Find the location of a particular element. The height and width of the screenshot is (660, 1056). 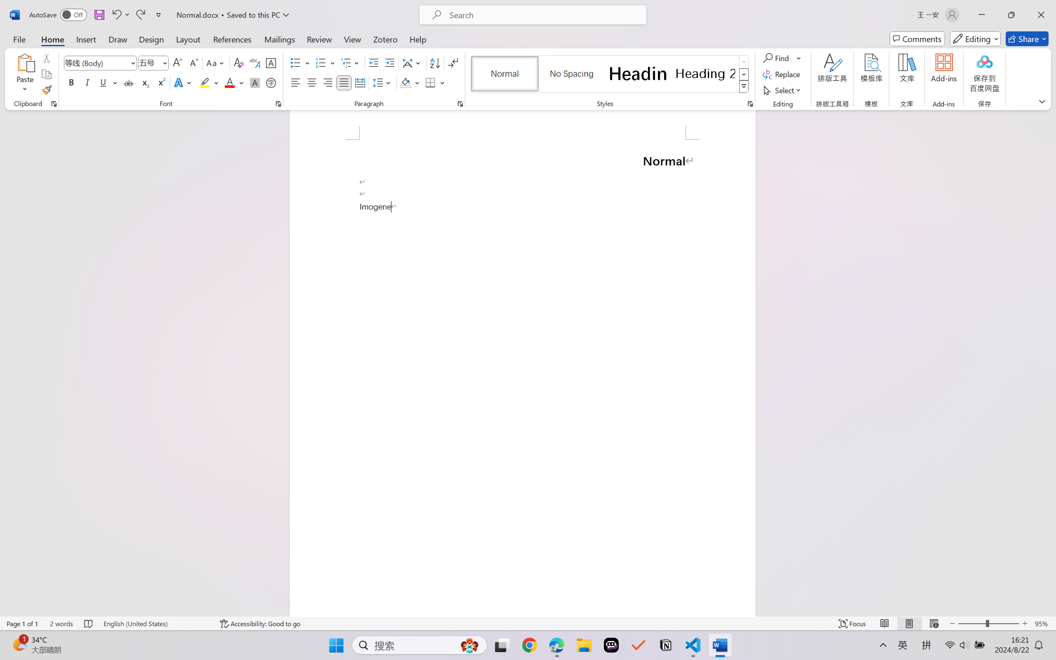

'Class: NetUIScrollBar' is located at coordinates (1050, 363).